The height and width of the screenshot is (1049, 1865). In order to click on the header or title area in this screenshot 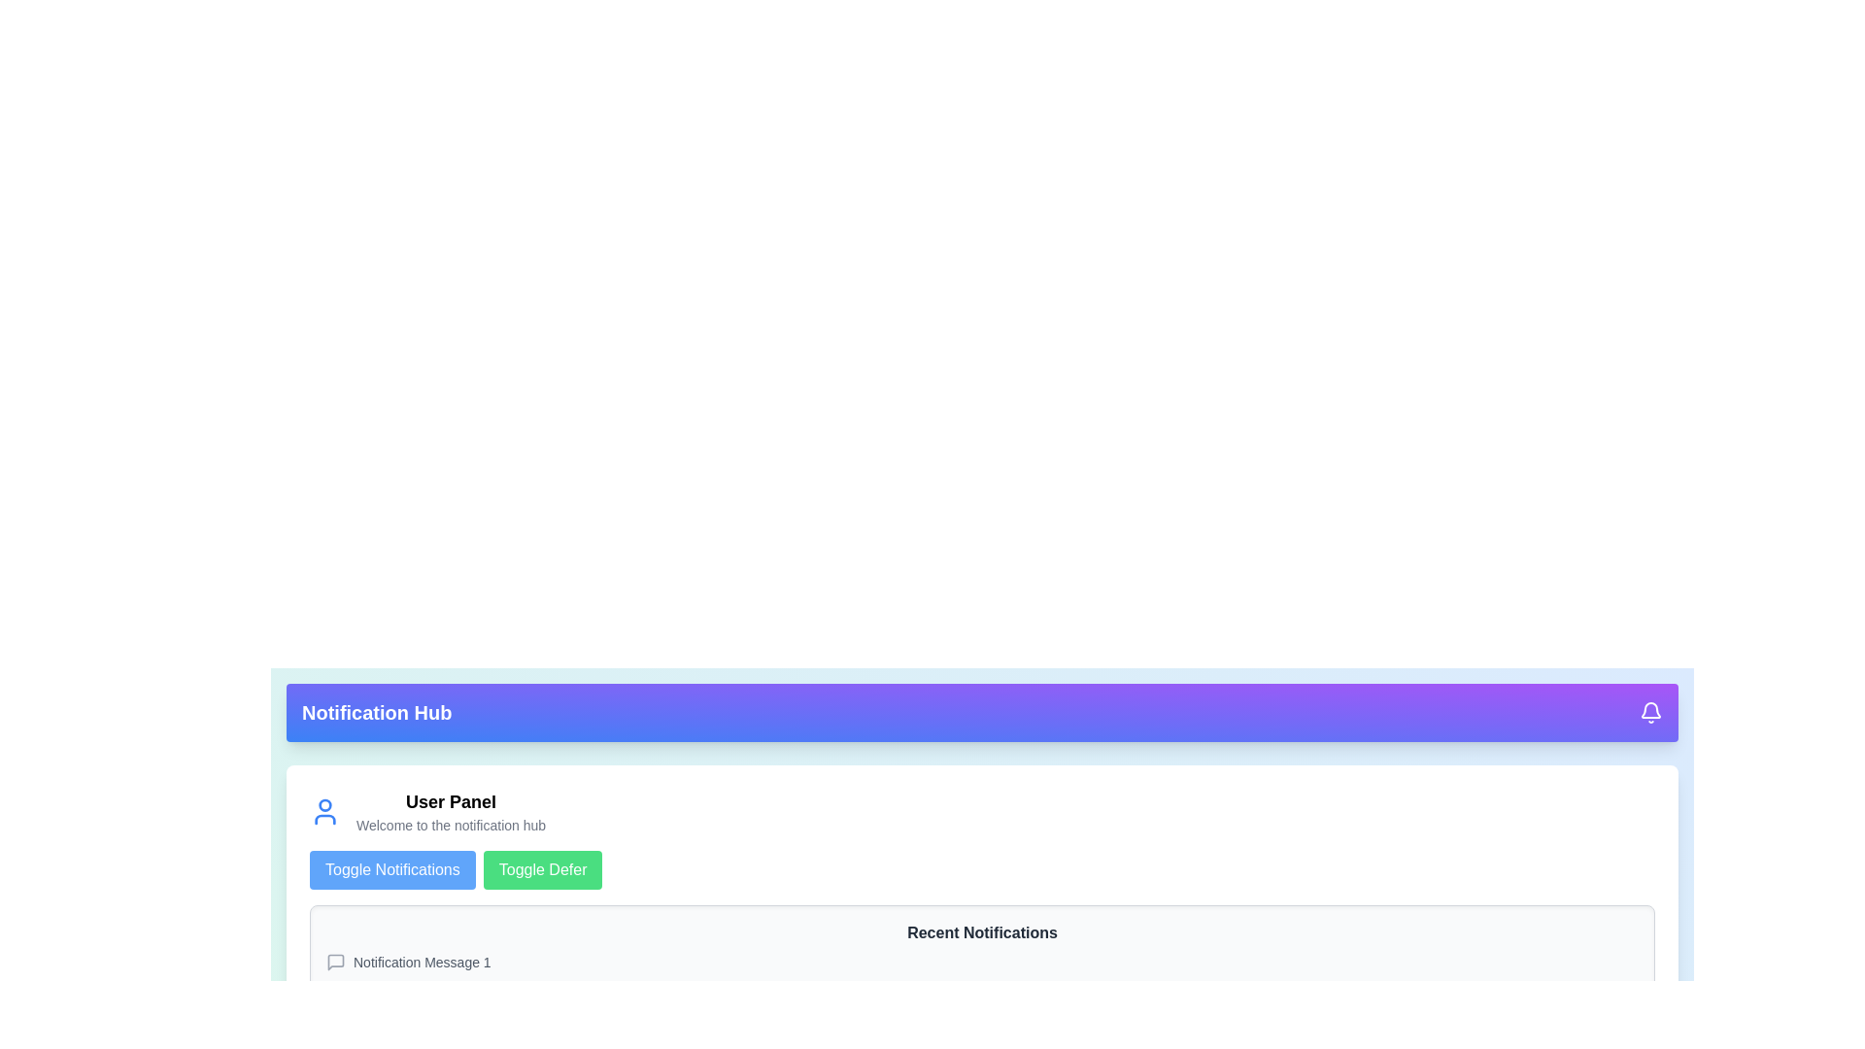, I will do `click(982, 712)`.